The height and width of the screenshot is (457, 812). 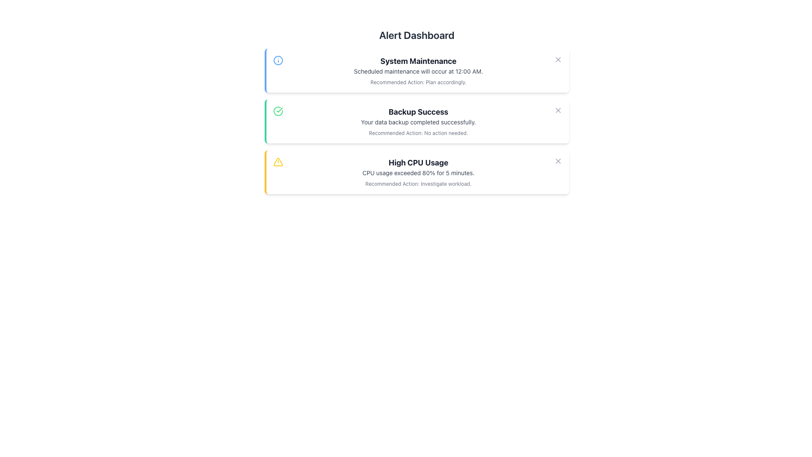 What do you see at coordinates (418, 83) in the screenshot?
I see `text content of the line of text that reads 'Recommended Action: Plan accordingly.' located in the first alert box titled 'System Maintenance'` at bounding box center [418, 83].